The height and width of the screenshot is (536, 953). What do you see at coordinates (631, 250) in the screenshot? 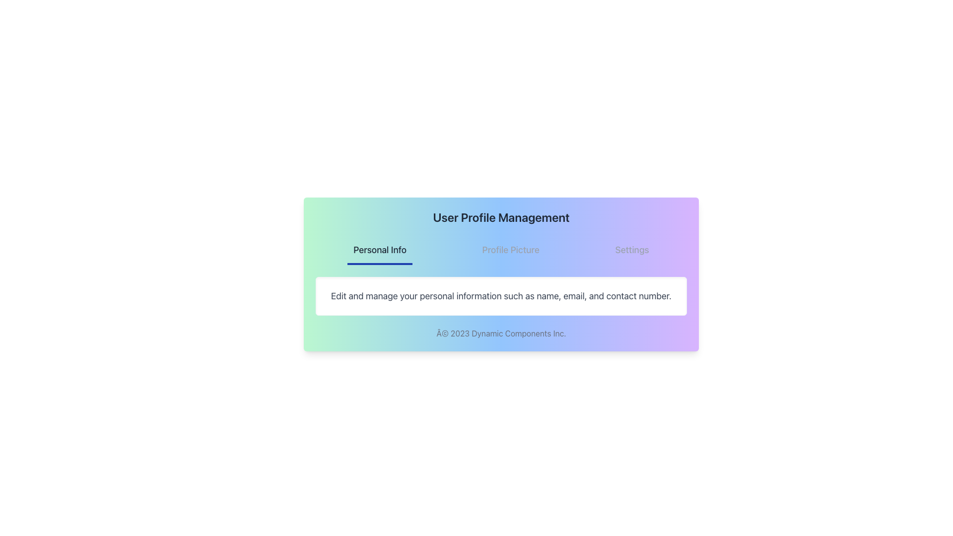
I see `the 'Settings' tab, which is the last tab in the user profile management section` at bounding box center [631, 250].